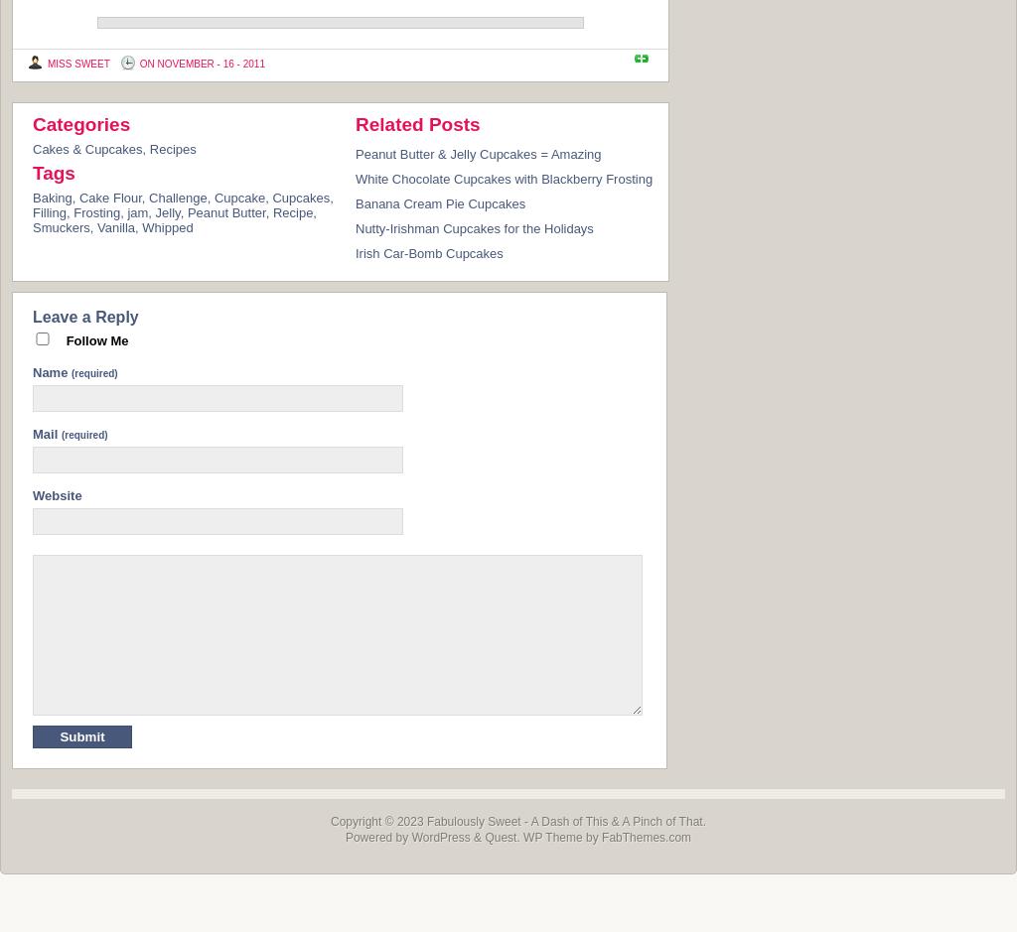 This screenshot has width=1017, height=932. I want to click on 'Cupcakes', so click(272, 196).